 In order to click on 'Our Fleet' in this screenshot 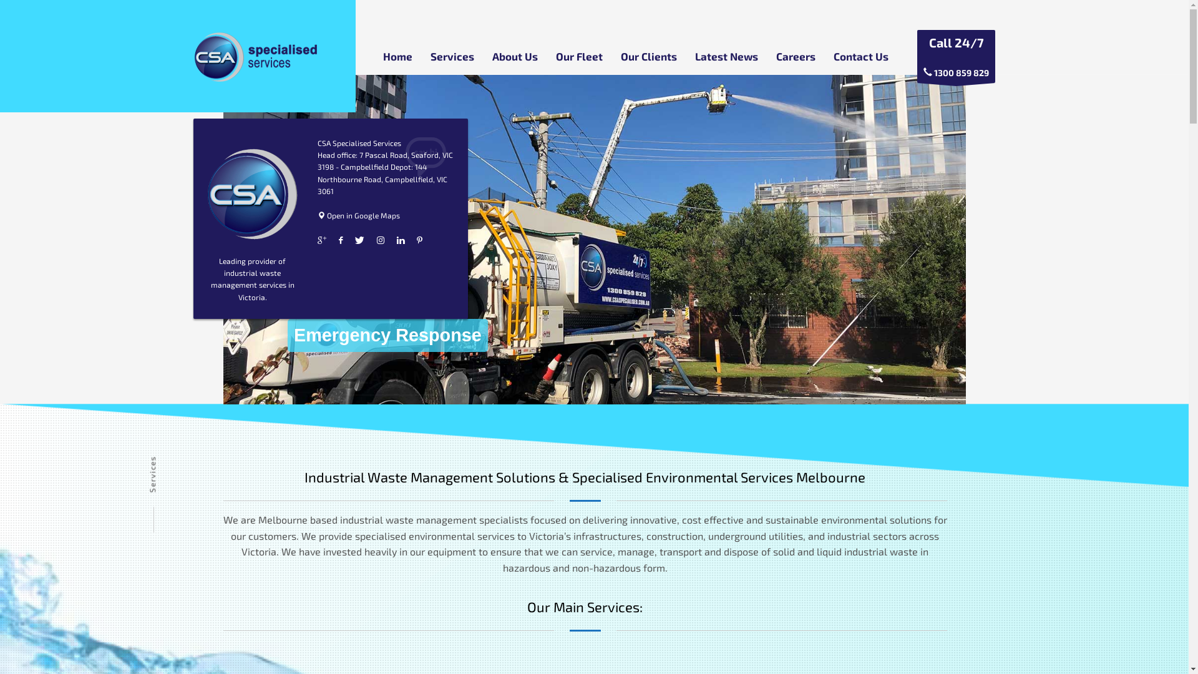, I will do `click(578, 55)`.